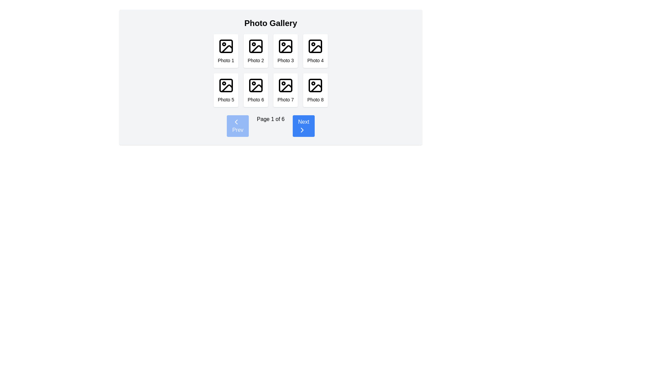 The height and width of the screenshot is (365, 649). What do you see at coordinates (286, 99) in the screenshot?
I see `the text label that identifies the associated photo in the gallery, located on the seventh position in the grid of photos in the 'Photo Gallery' section` at bounding box center [286, 99].